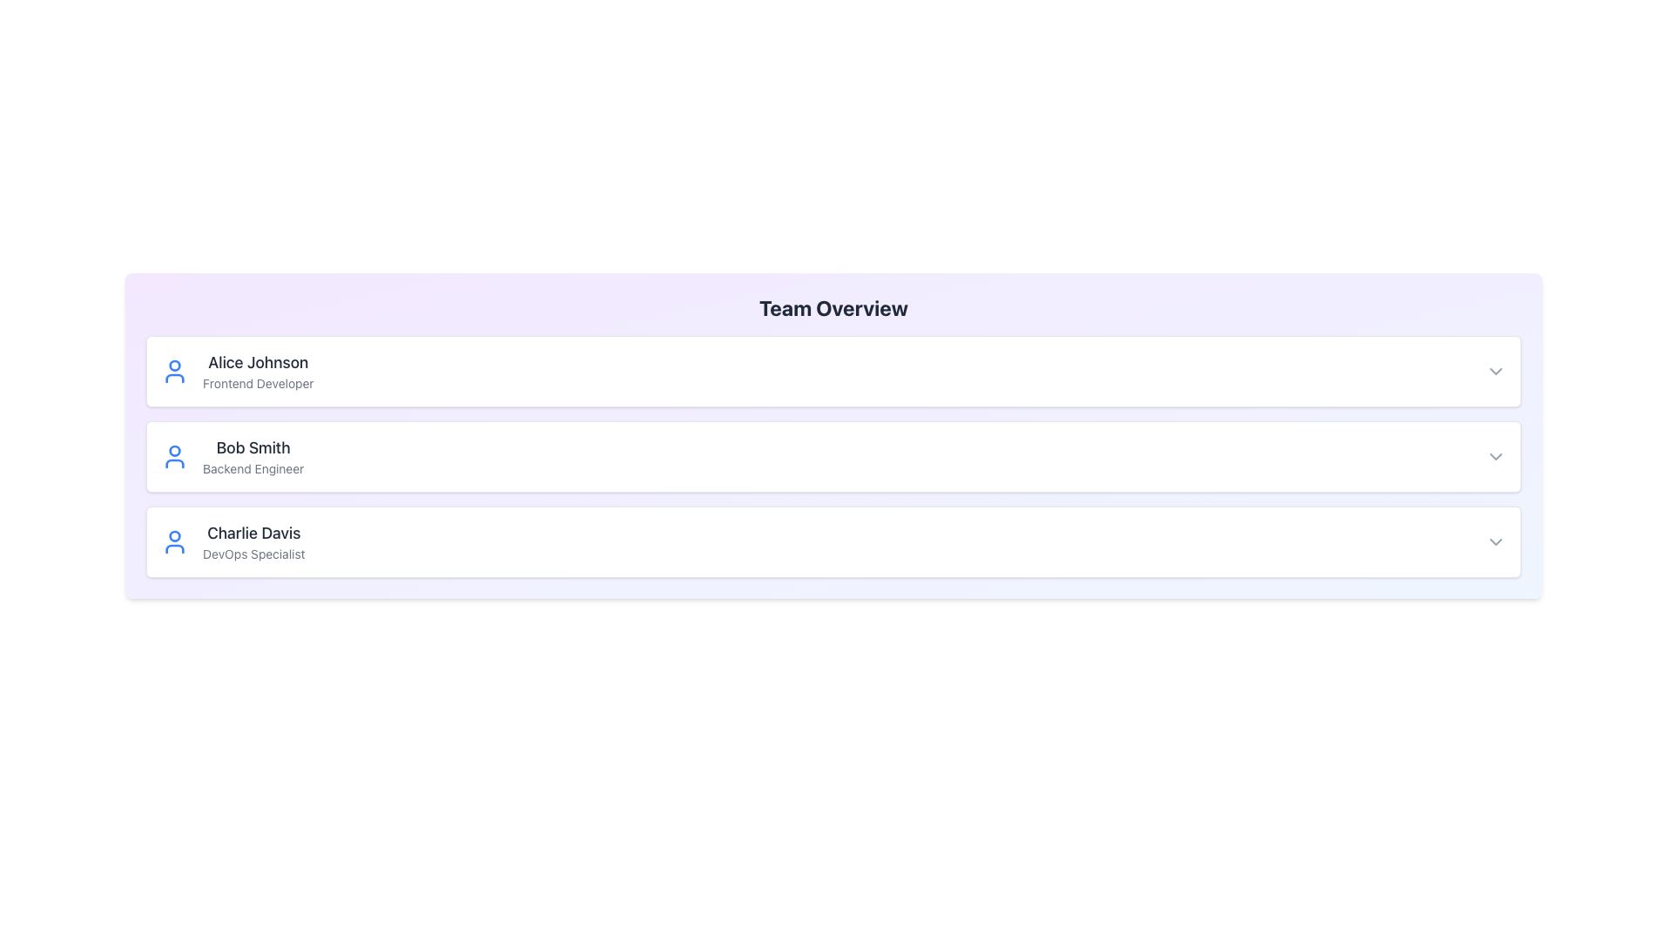 Image resolution: width=1672 pixels, height=940 pixels. Describe the element at coordinates (175, 455) in the screenshot. I see `the user icon associated with 'Bob Smith Backend Engineer' located in the second row of the 'Team Overview' list` at that location.